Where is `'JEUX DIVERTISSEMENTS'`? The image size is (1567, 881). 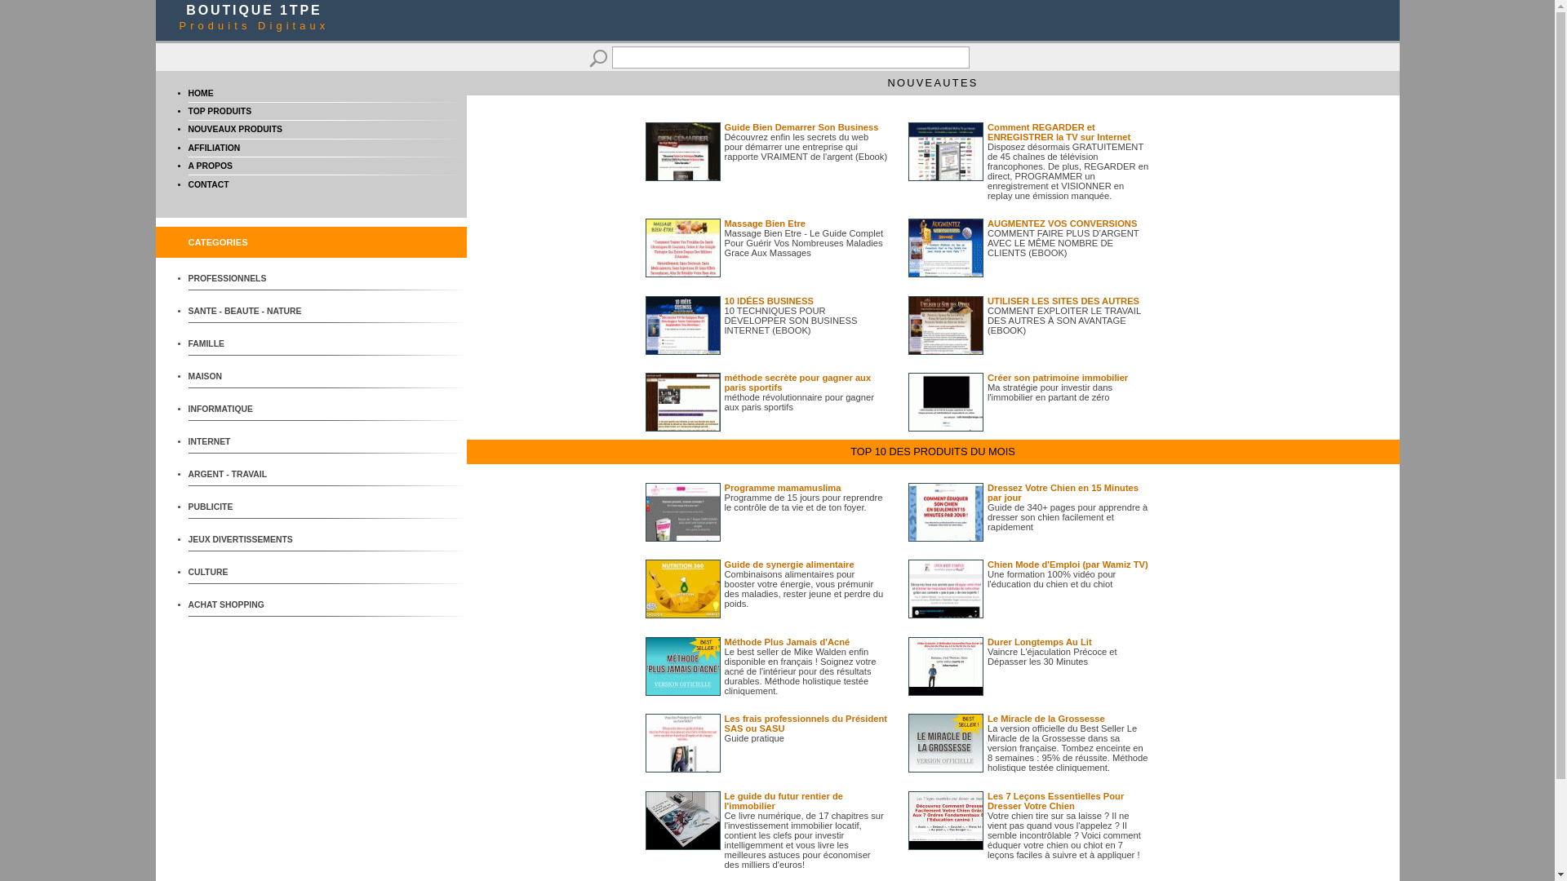
'JEUX DIVERTISSEMENTS' is located at coordinates (248, 539).